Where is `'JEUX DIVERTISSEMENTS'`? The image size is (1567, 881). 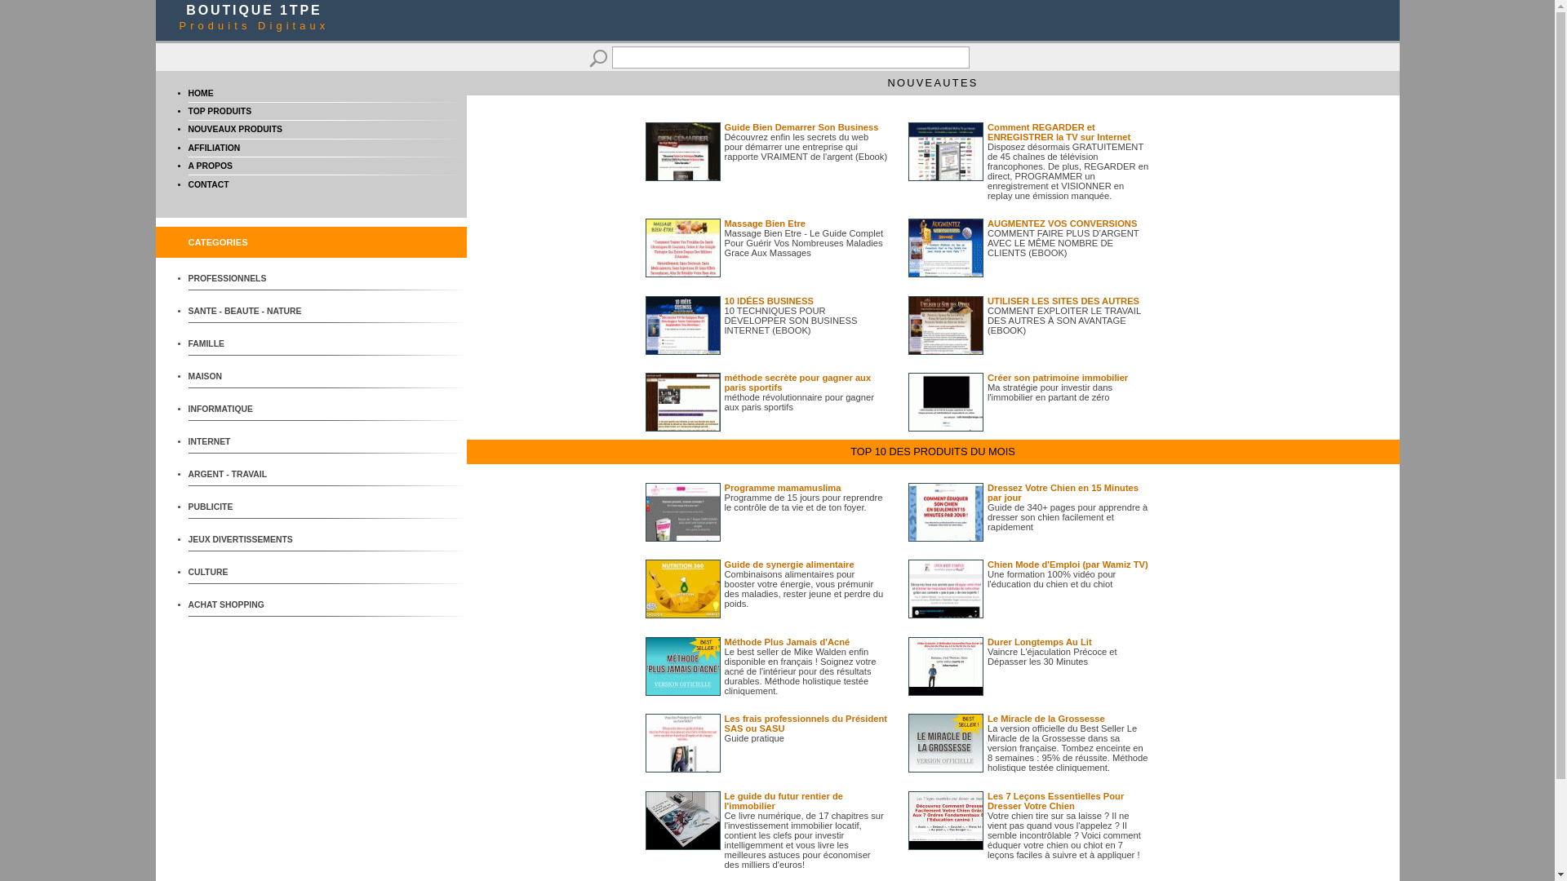
'JEUX DIVERTISSEMENTS' is located at coordinates (248, 539).